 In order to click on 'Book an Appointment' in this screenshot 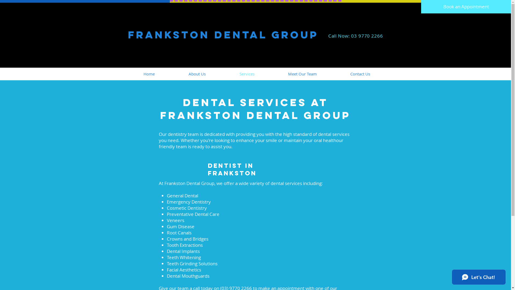, I will do `click(466, 6)`.